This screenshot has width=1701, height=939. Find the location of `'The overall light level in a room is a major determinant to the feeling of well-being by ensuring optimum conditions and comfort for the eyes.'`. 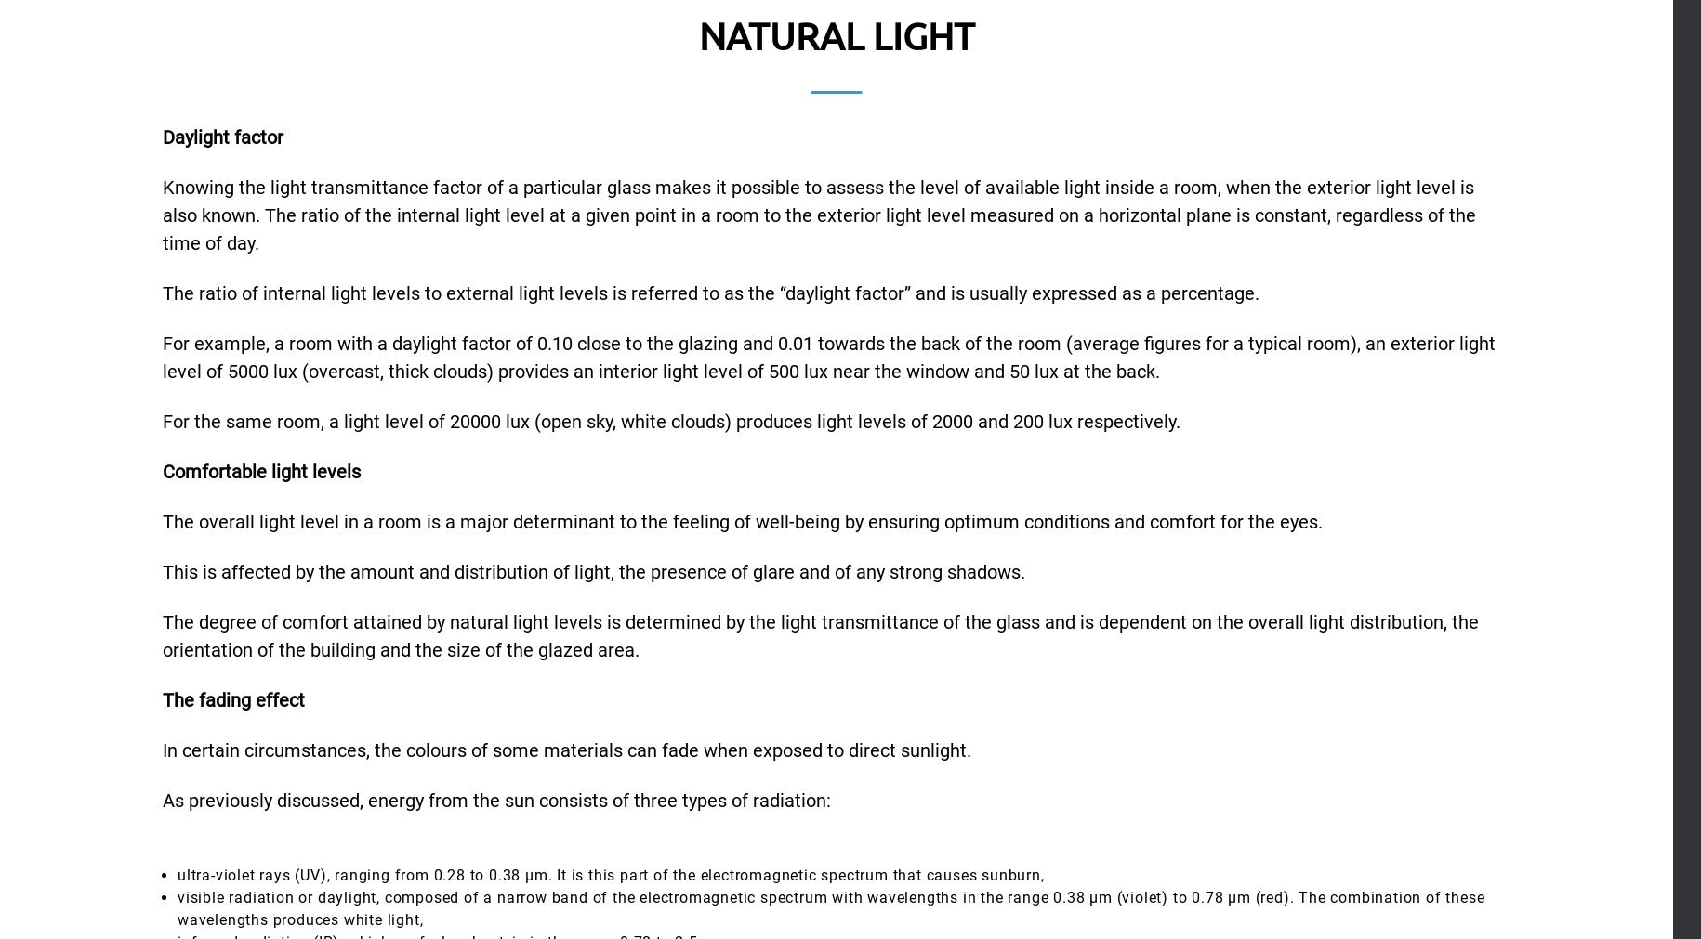

'The overall light level in a room is a major determinant to the feeling of well-being by ensuring optimum conditions and comfort for the eyes.' is located at coordinates (741, 521).